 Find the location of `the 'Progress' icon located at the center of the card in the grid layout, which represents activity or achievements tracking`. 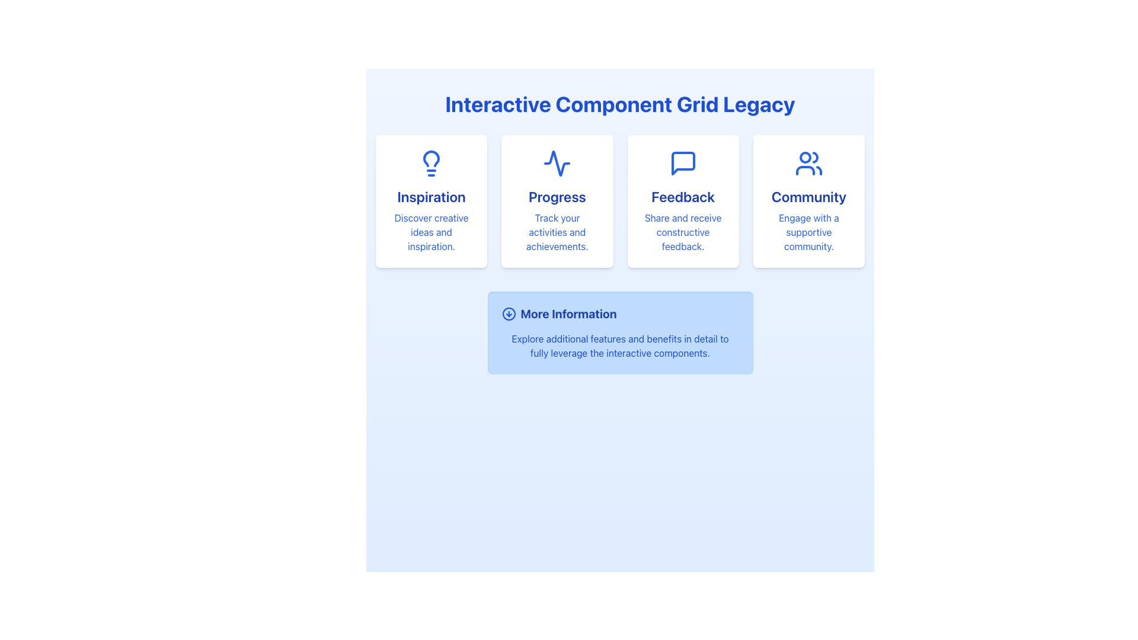

the 'Progress' icon located at the center of the card in the grid layout, which represents activity or achievements tracking is located at coordinates (557, 164).